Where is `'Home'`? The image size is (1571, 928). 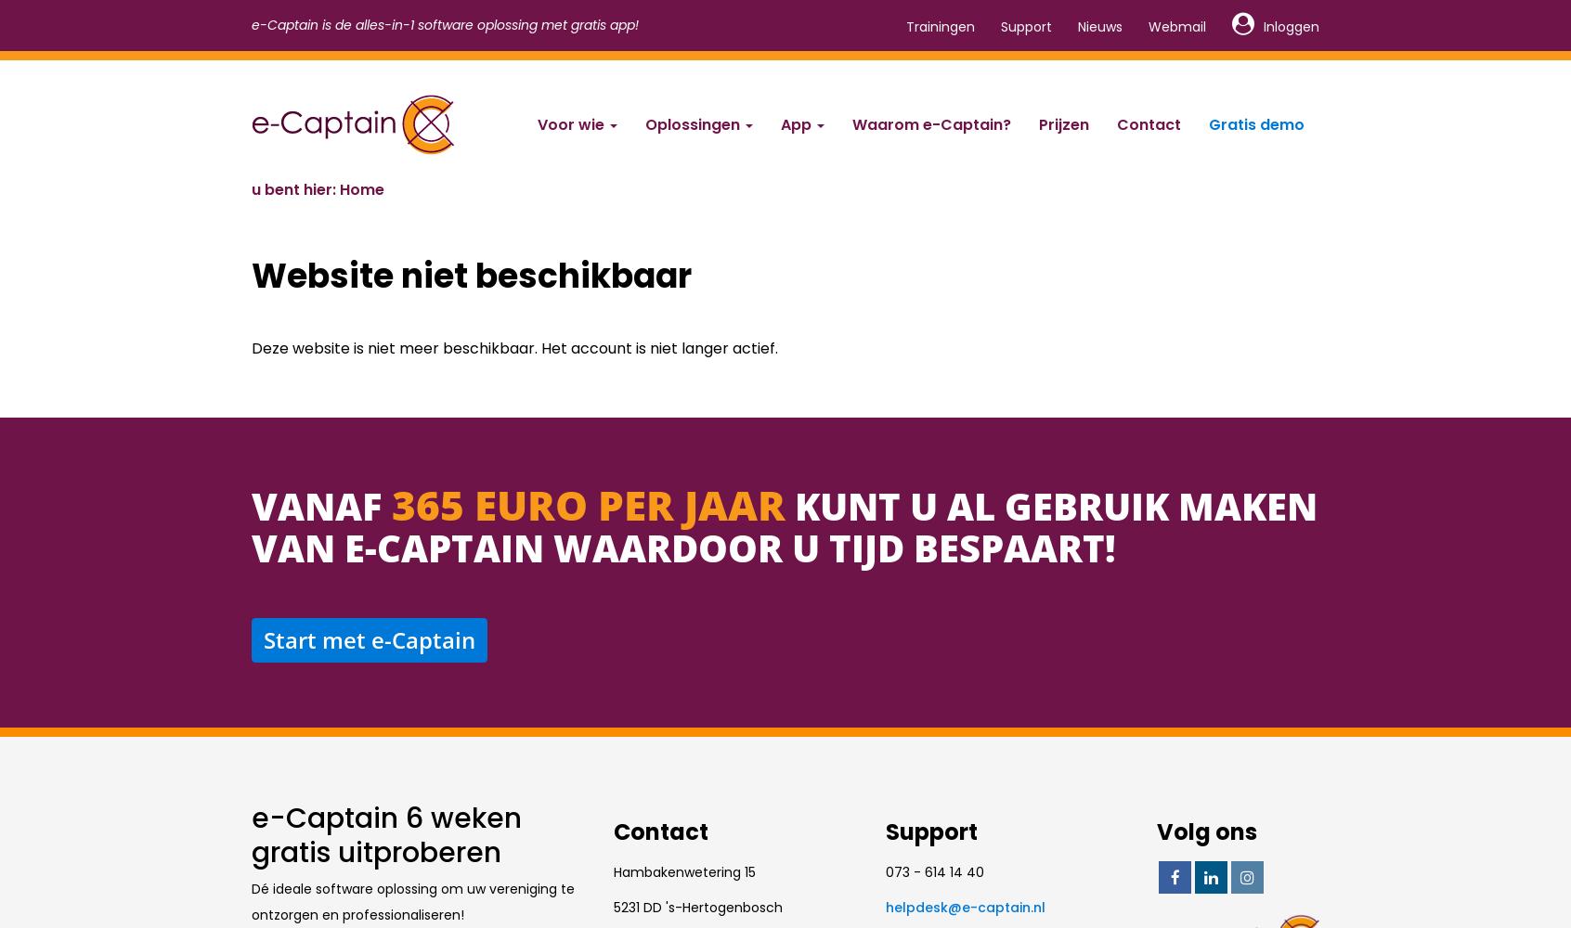
'Home' is located at coordinates (362, 188).